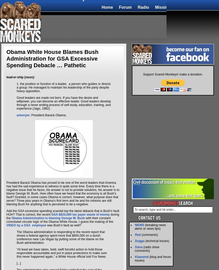 This screenshot has height=270, width=219. I want to click on 'Crime', so click(199, 7).